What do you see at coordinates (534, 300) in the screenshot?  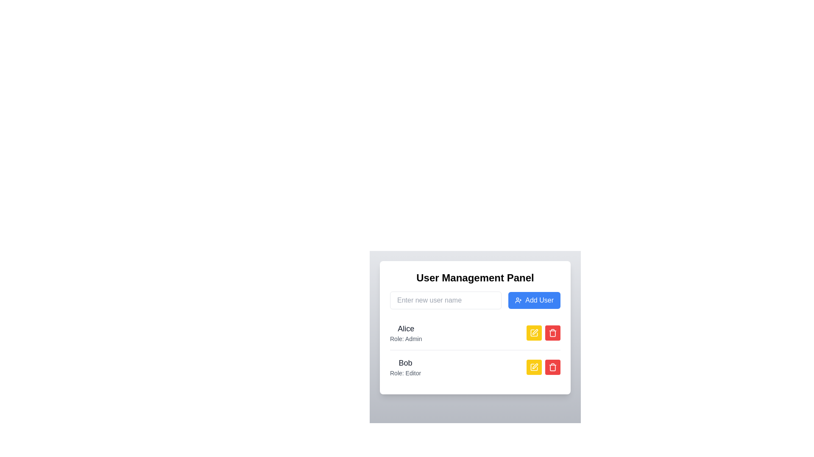 I see `the 'Add User' button, which is a rectangular button with a blue background and white text, located to the right of the username input field` at bounding box center [534, 300].